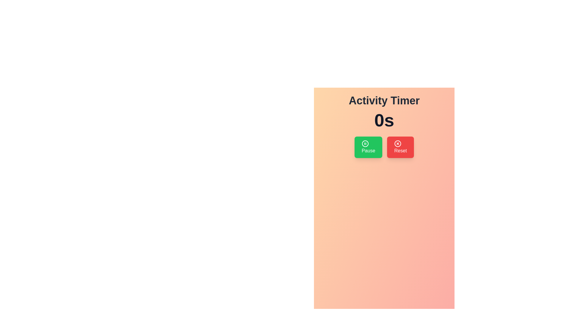 Image resolution: width=573 pixels, height=322 pixels. I want to click on the header label for the activity timer, which is positioned at the top and centered horizontally above the '0s' text element, so click(384, 100).